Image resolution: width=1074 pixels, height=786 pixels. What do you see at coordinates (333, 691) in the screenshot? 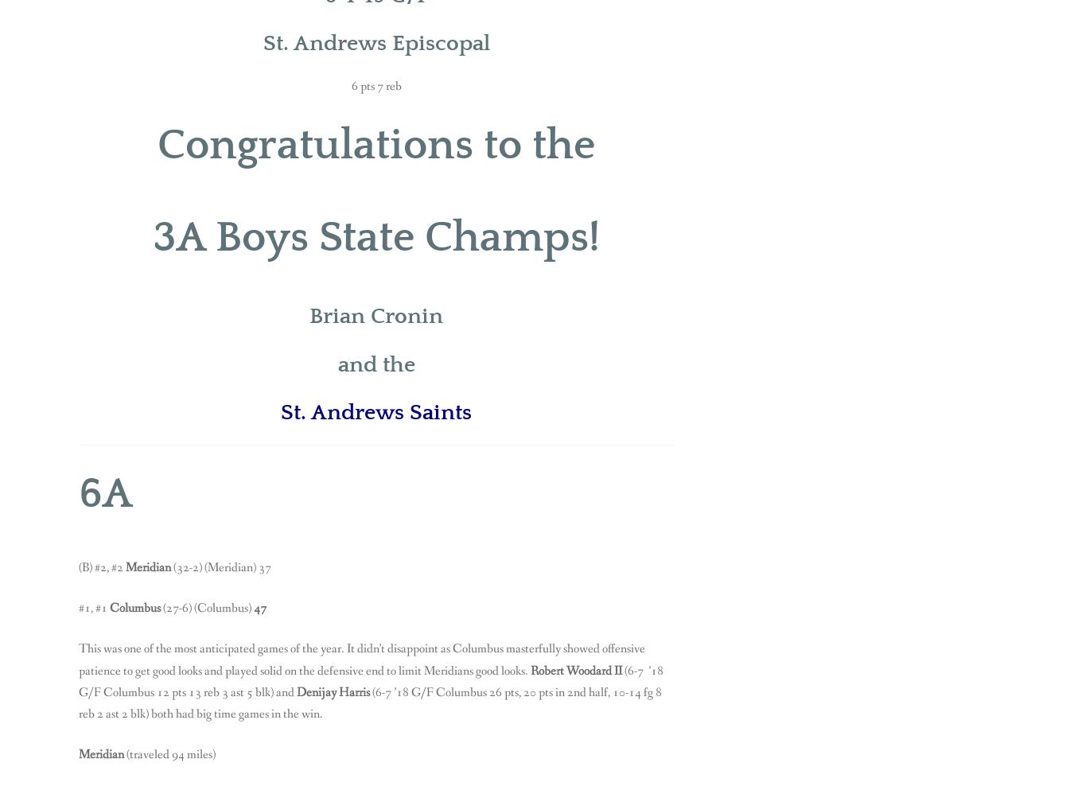
I see `'Denijay Harris'` at bounding box center [333, 691].